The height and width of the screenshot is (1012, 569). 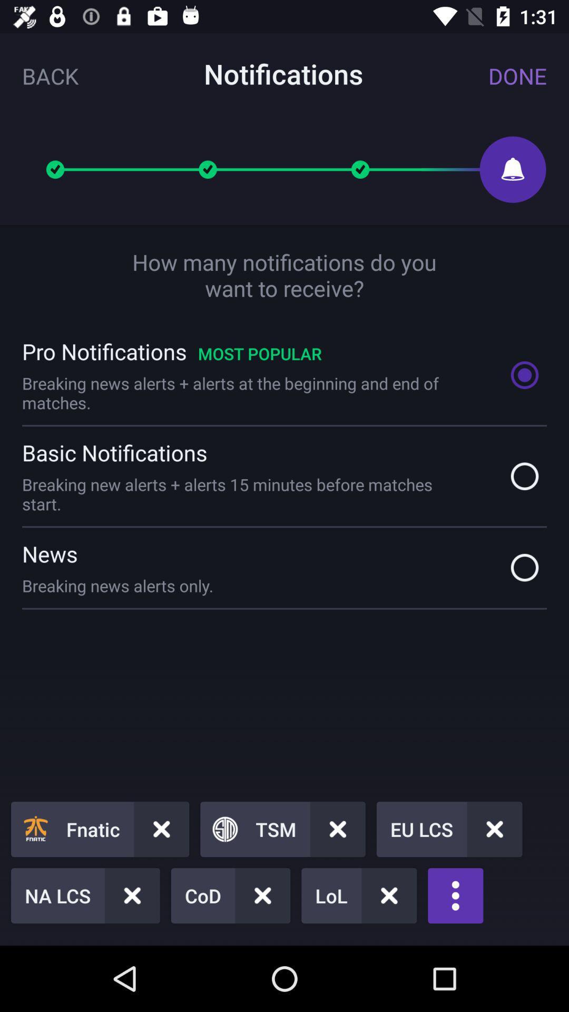 What do you see at coordinates (517, 75) in the screenshot?
I see `the icon next to notifications` at bounding box center [517, 75].